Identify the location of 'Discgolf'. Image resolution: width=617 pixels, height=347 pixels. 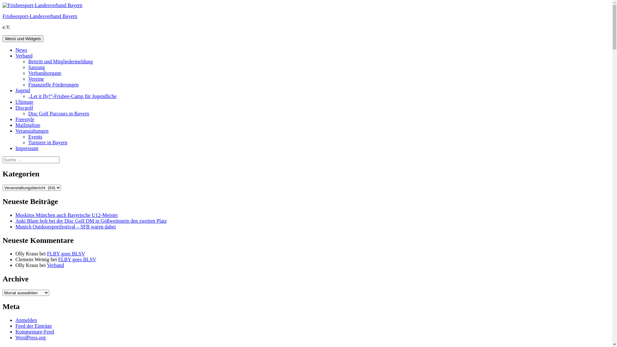
(15, 107).